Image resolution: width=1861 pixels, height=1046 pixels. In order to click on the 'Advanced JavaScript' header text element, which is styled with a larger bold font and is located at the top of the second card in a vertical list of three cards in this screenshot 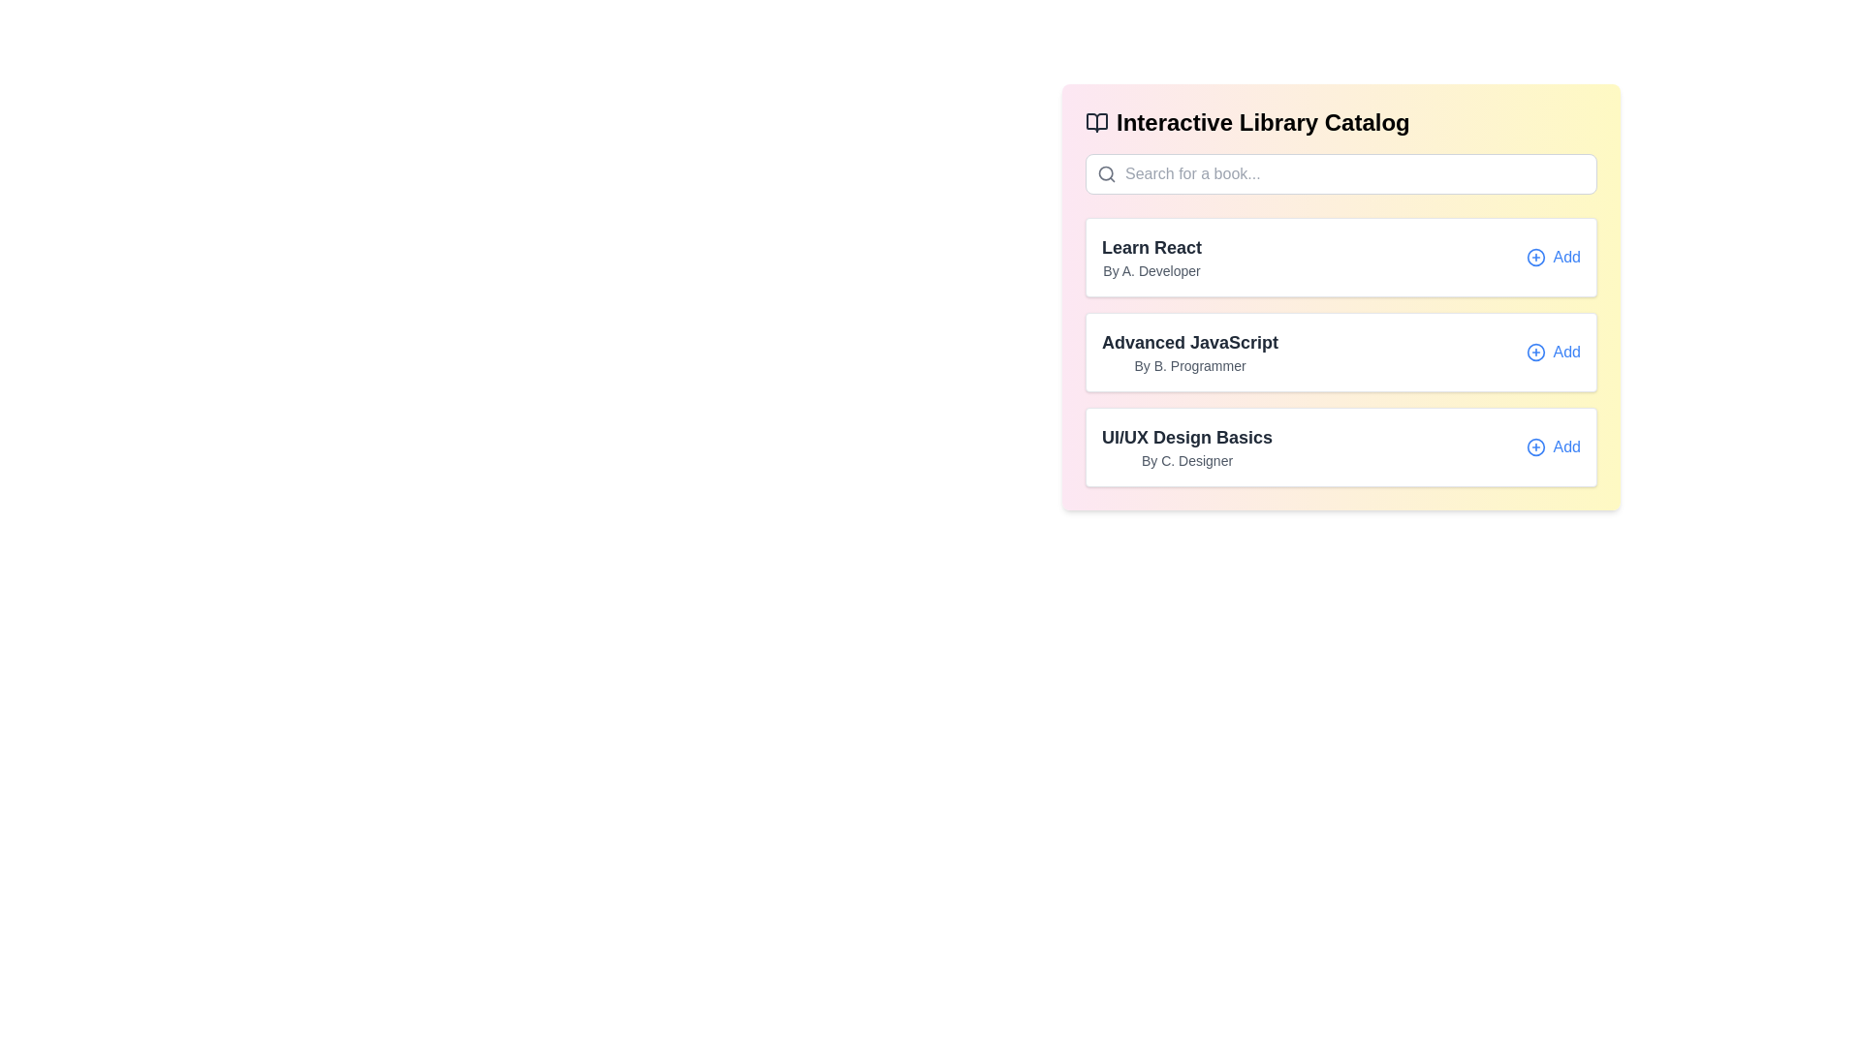, I will do `click(1189, 342)`.